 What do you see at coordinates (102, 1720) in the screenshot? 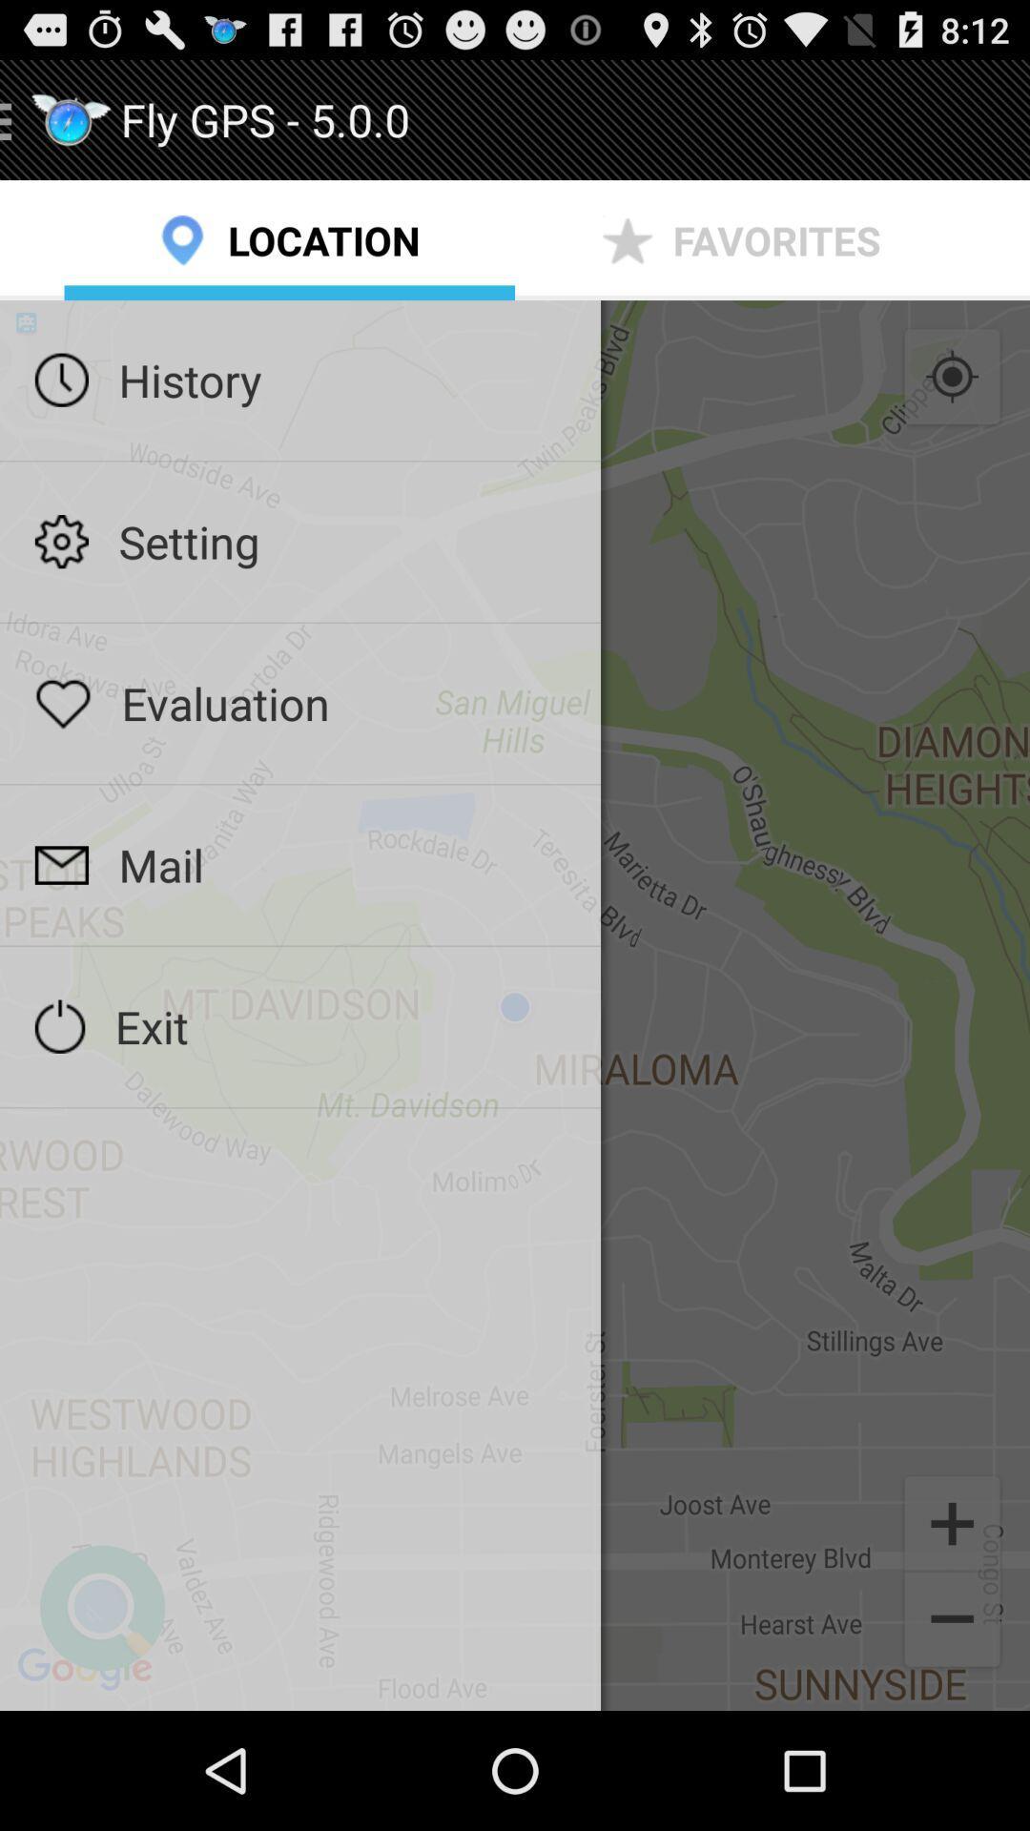
I see `the search icon` at bounding box center [102, 1720].